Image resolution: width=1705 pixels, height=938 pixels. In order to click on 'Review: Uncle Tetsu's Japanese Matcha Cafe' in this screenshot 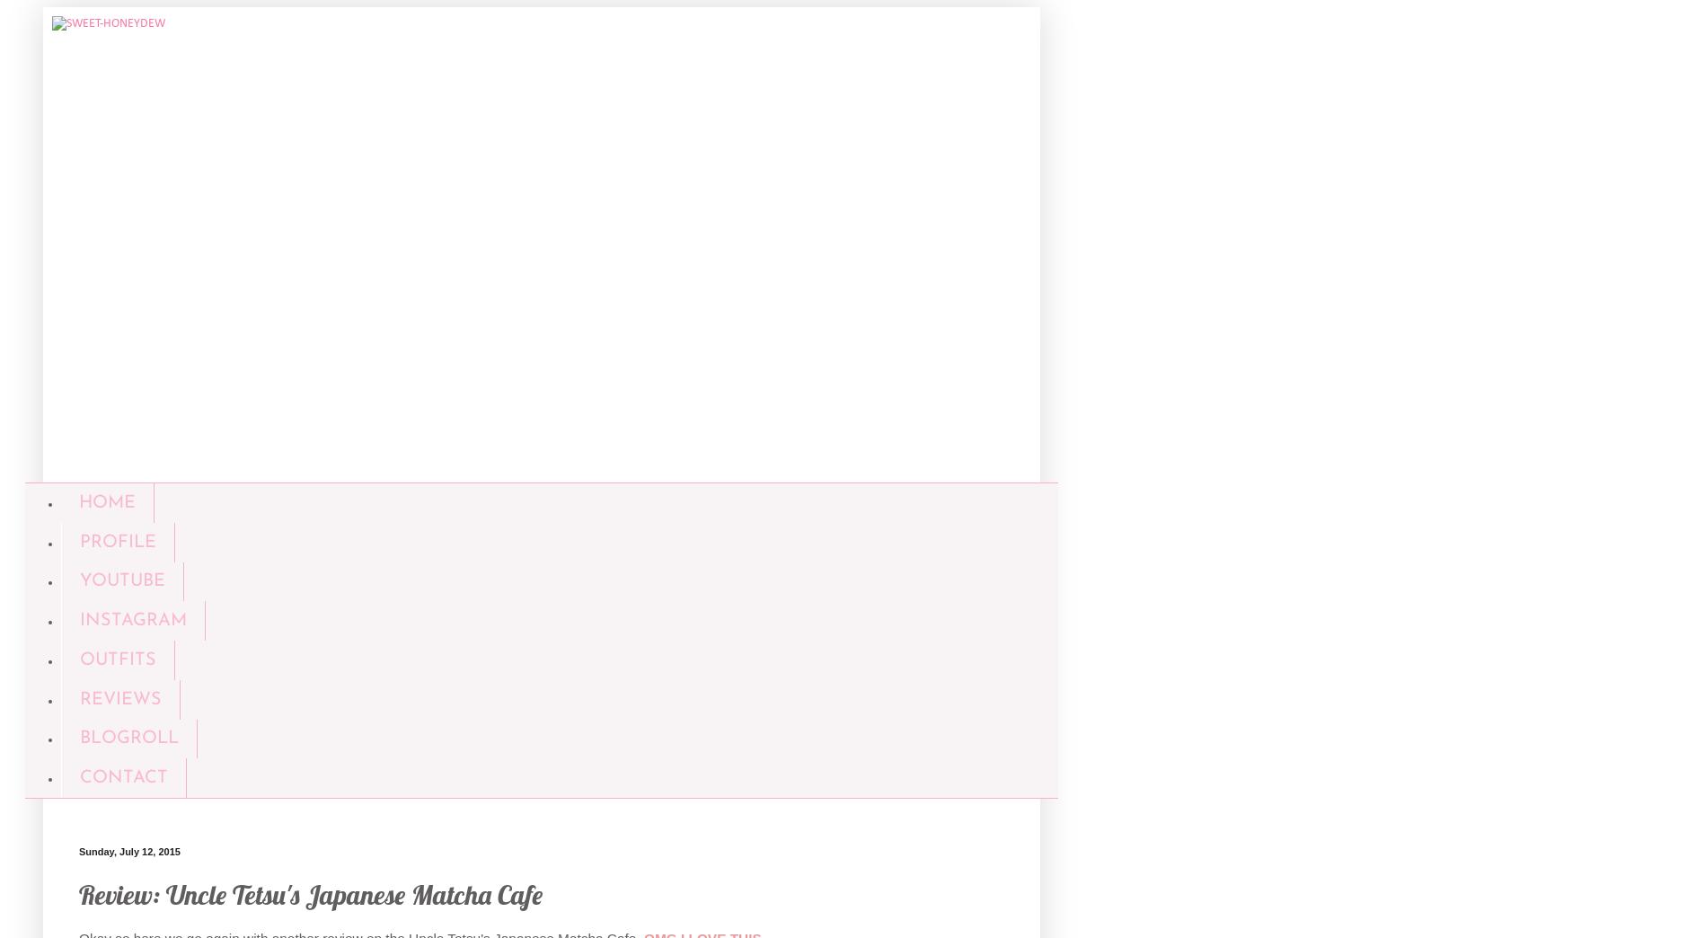, I will do `click(311, 894)`.